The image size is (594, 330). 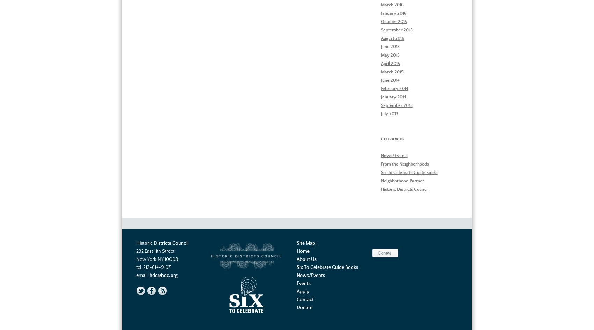 What do you see at coordinates (390, 55) in the screenshot?
I see `'May 2015'` at bounding box center [390, 55].